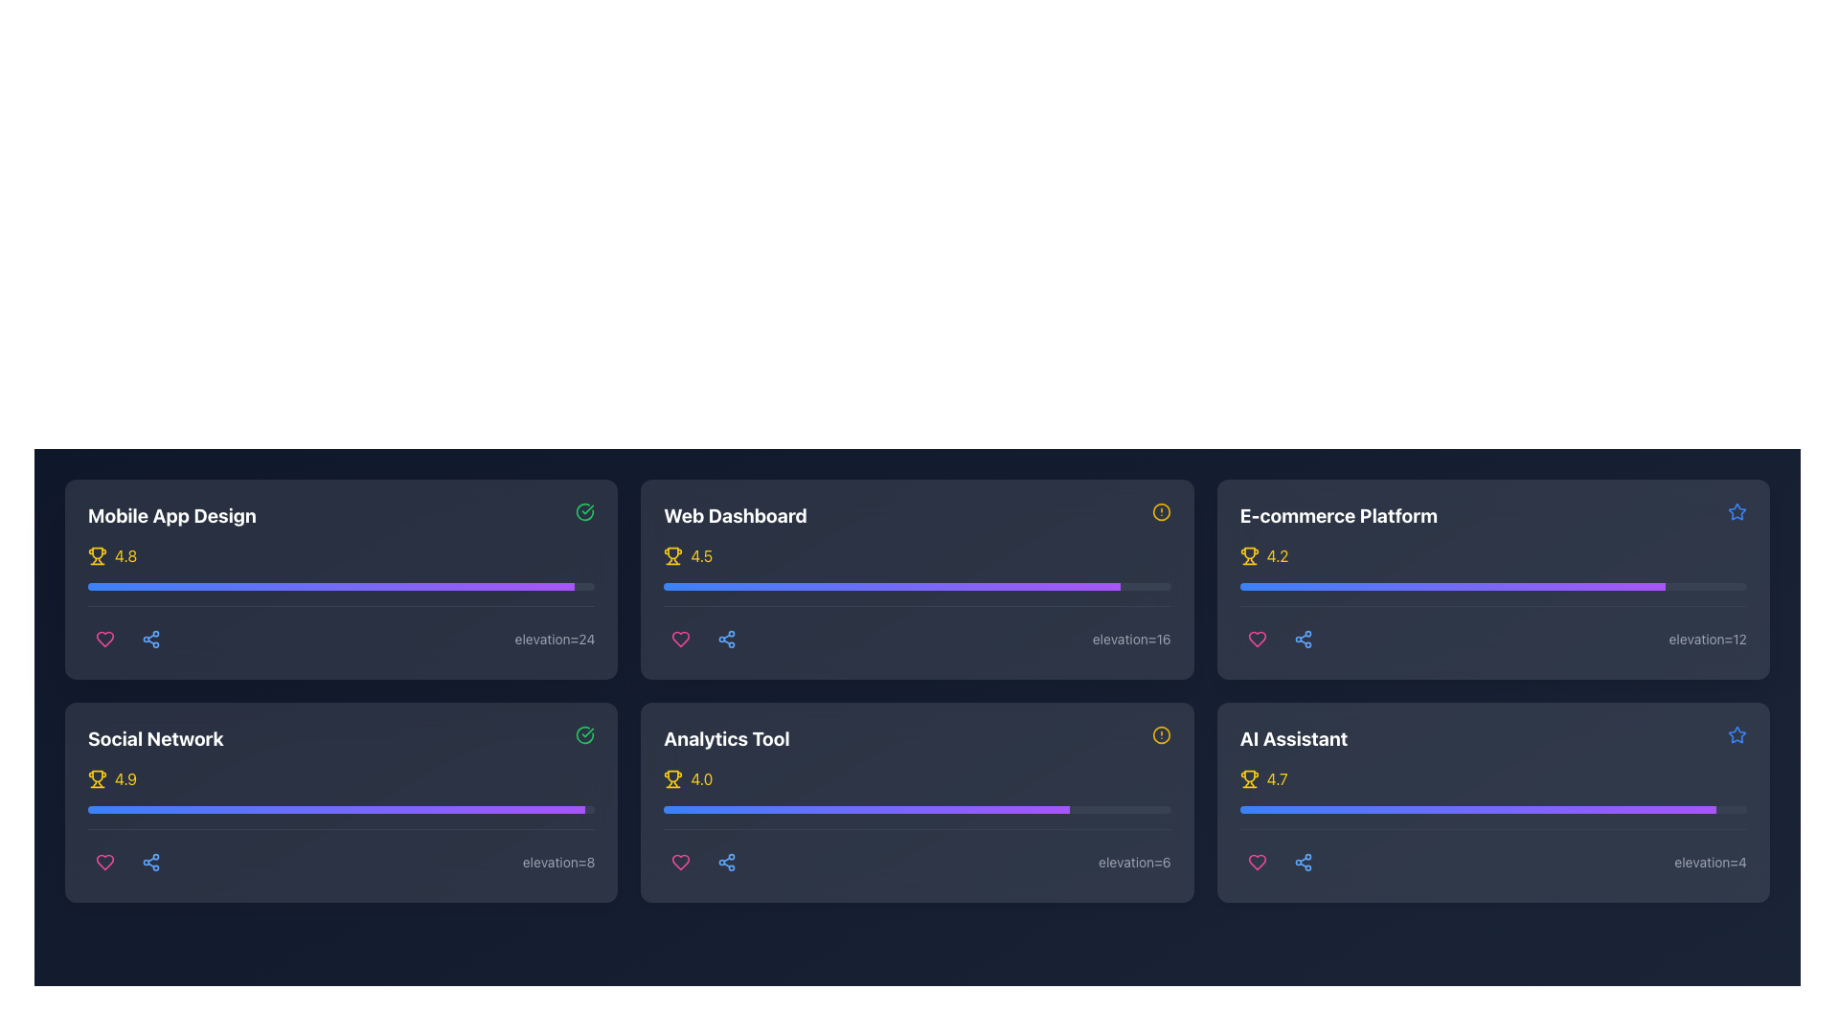  I want to click on the progress bar located within the 'Social Network' card, so click(336, 809).